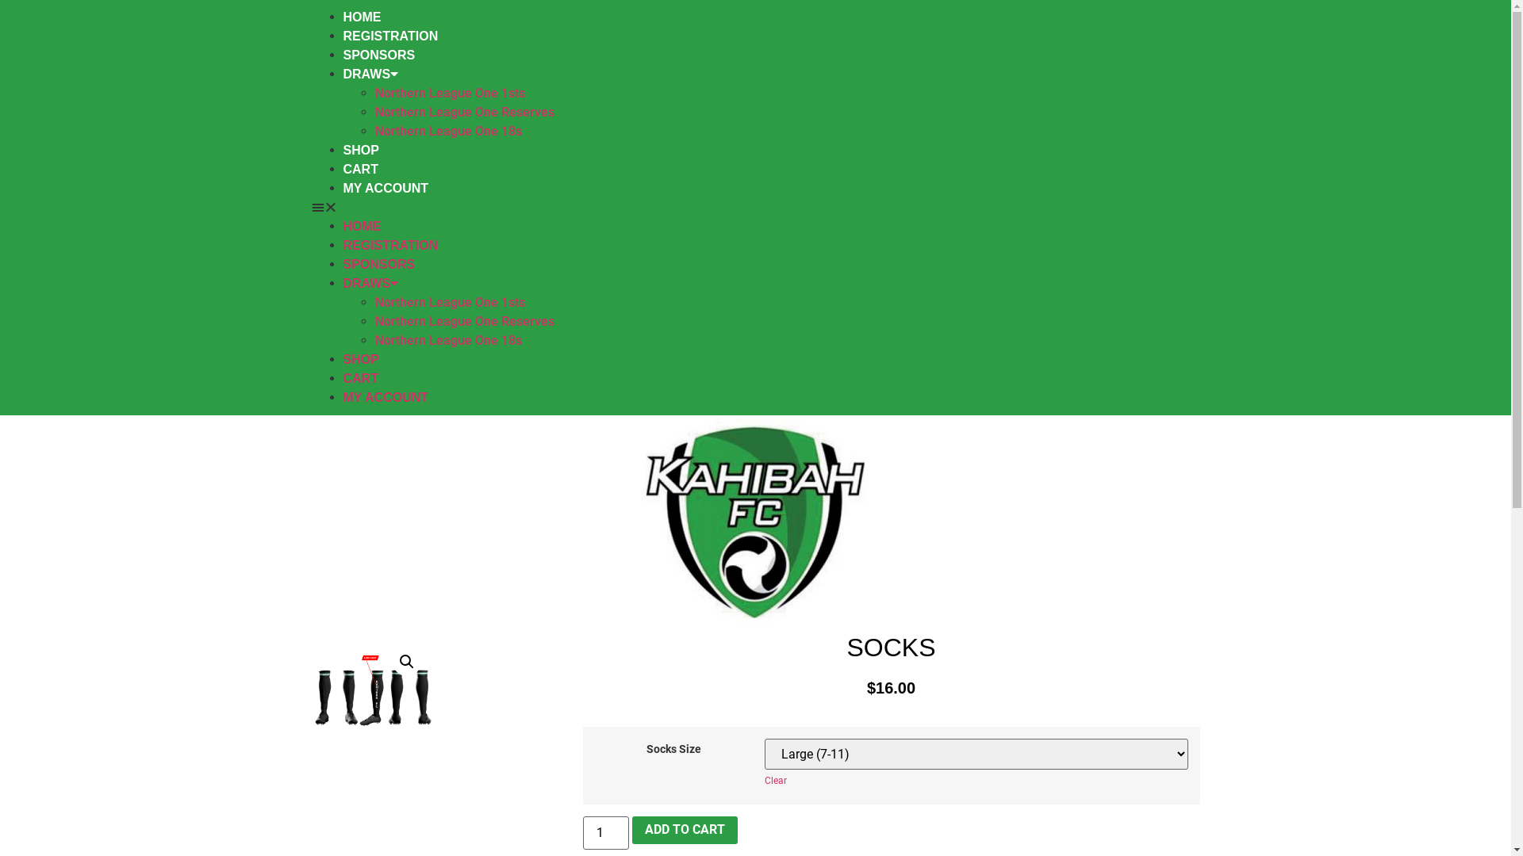 The image size is (1523, 856). I want to click on 'Clear', so click(765, 779).